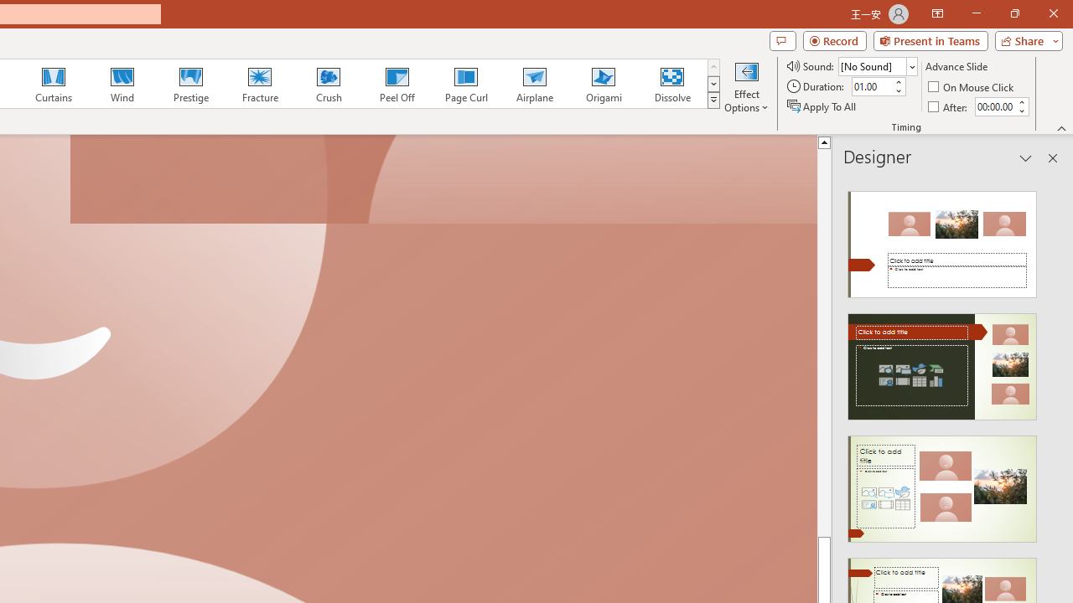 The image size is (1073, 603). What do you see at coordinates (54, 84) in the screenshot?
I see `'Curtains'` at bounding box center [54, 84].